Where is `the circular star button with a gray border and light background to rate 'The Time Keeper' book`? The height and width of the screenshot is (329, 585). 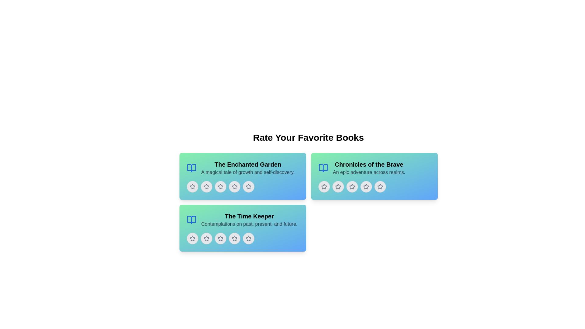
the circular star button with a gray border and light background to rate 'The Time Keeper' book is located at coordinates (234, 238).